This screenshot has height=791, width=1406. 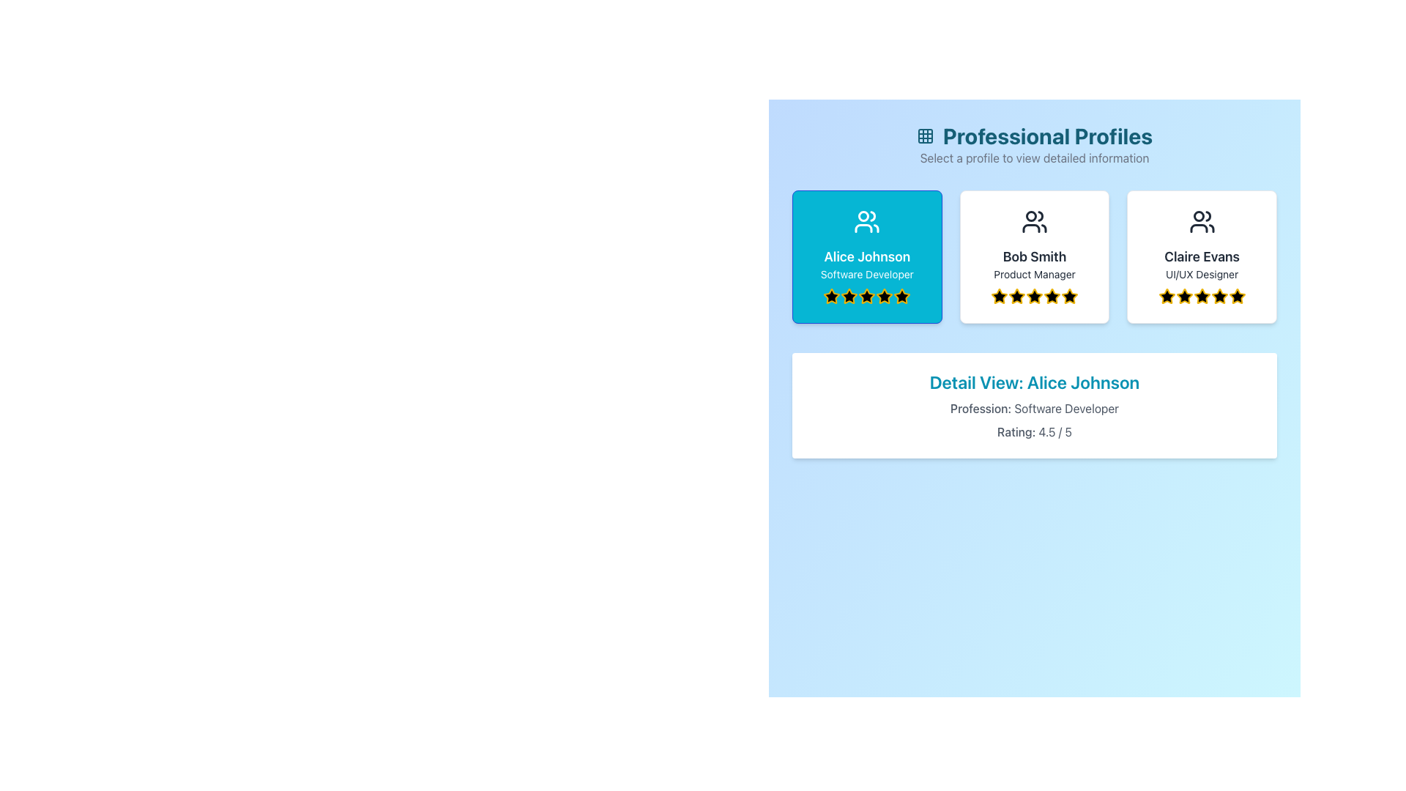 What do you see at coordinates (1184, 296) in the screenshot?
I see `the fourth star in the five-star rating component under the profile card of 'Claire Evans, UI/UX Designer'` at bounding box center [1184, 296].